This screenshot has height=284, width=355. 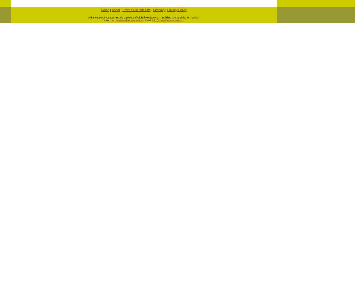 I want to click on 'info (AT) IndiaResource.org', so click(x=167, y=20).